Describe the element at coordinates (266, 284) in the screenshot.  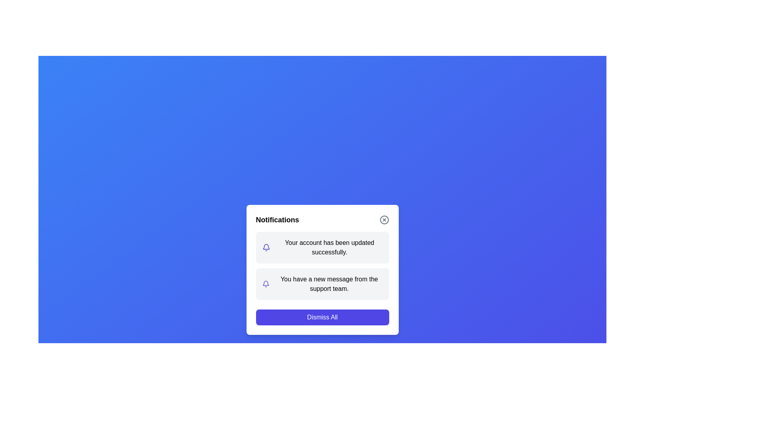
I see `the indigo bell-shaped icon indicating notifications, which is located to the left of the notification text 'You have a new message from the support team.'` at that location.